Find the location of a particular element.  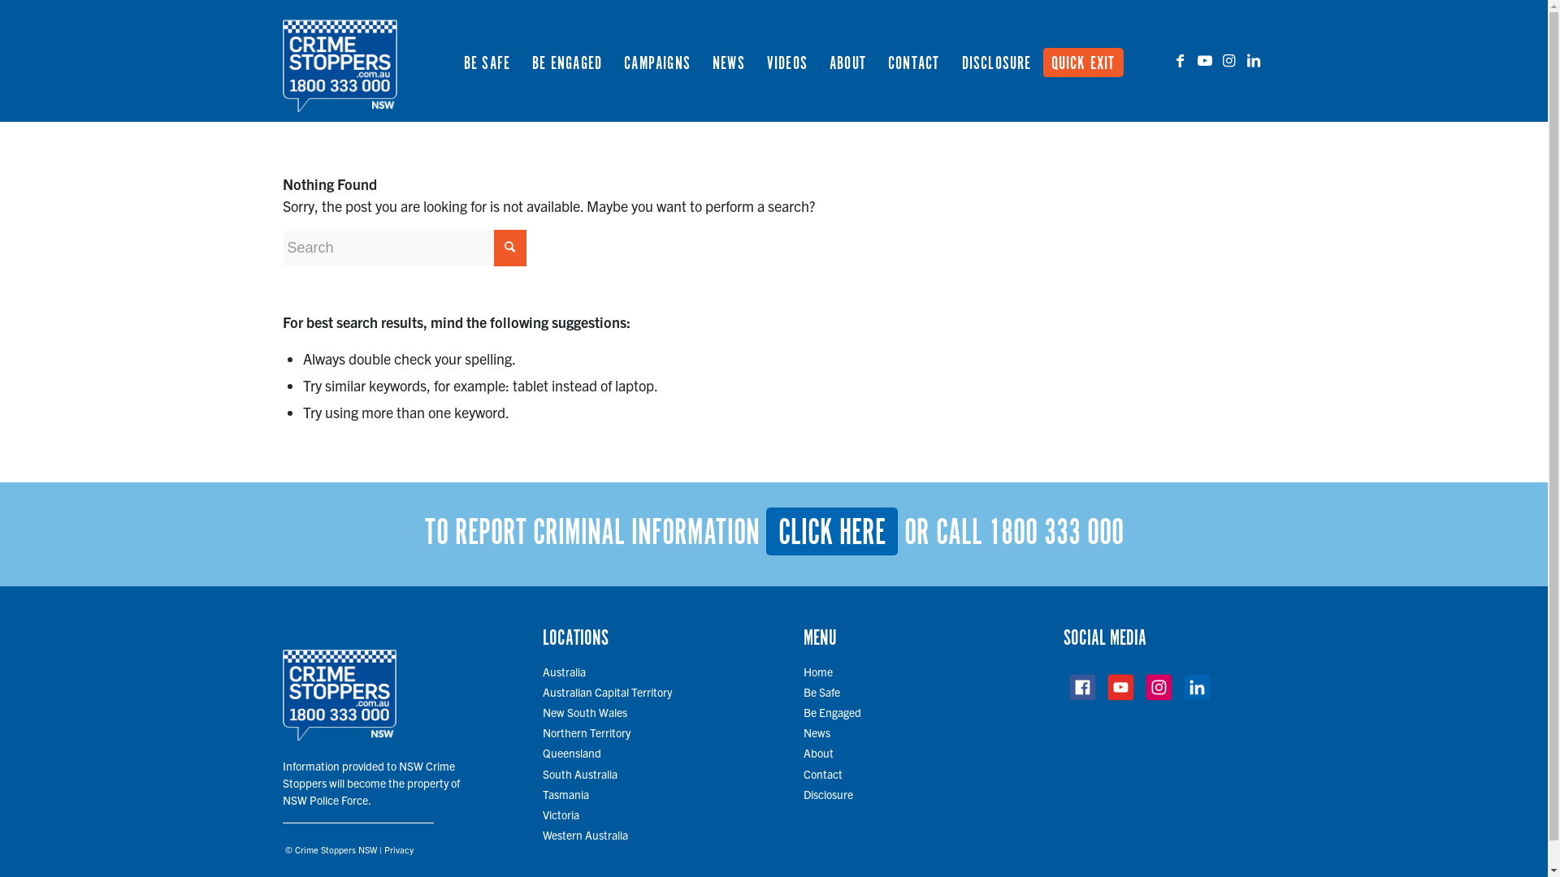

'Tasmania' is located at coordinates (542, 793).